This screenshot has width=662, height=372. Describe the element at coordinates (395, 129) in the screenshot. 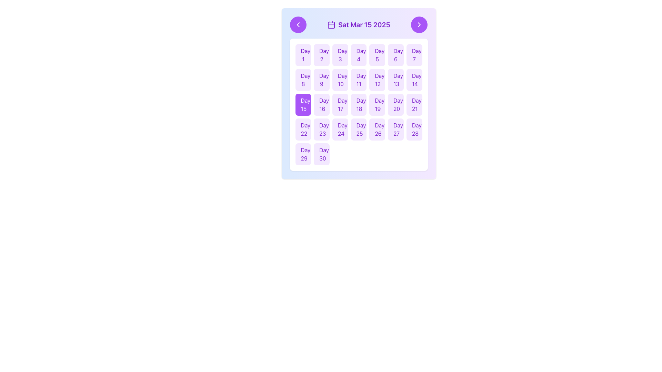

I see `the button representing 'Day 27' in the fourth row, sixth from the left` at that location.